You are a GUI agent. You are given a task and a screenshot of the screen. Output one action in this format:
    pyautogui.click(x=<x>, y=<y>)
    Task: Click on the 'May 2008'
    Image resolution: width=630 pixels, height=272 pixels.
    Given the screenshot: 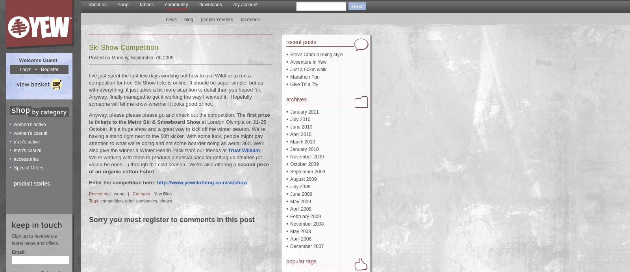 What is the action you would take?
    pyautogui.click(x=300, y=231)
    